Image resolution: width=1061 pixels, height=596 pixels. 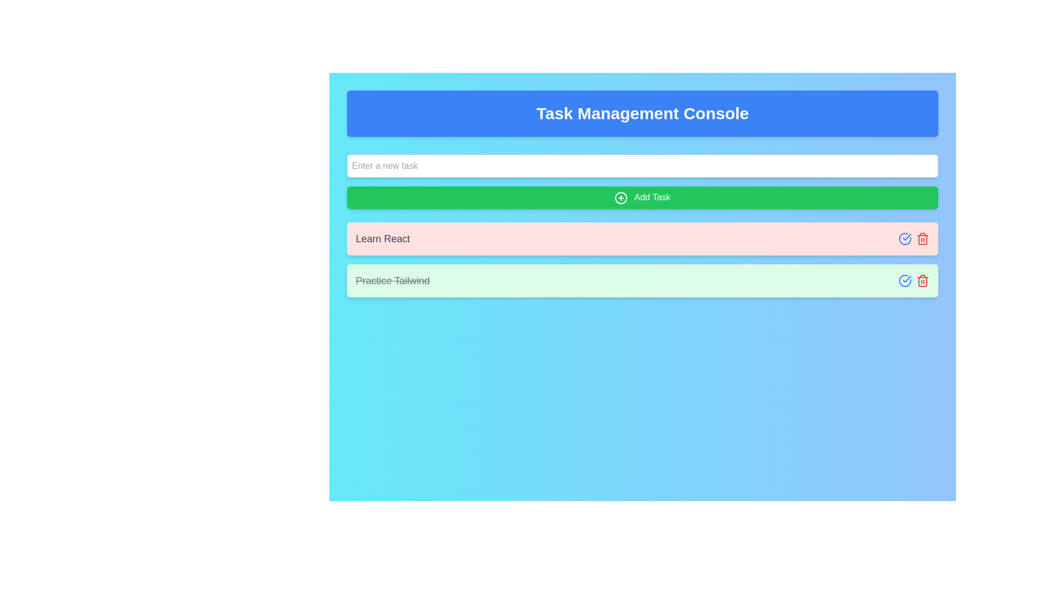 What do you see at coordinates (905, 238) in the screenshot?
I see `the confirmation icon located in the rightmost area of the second row in the interactive task table` at bounding box center [905, 238].